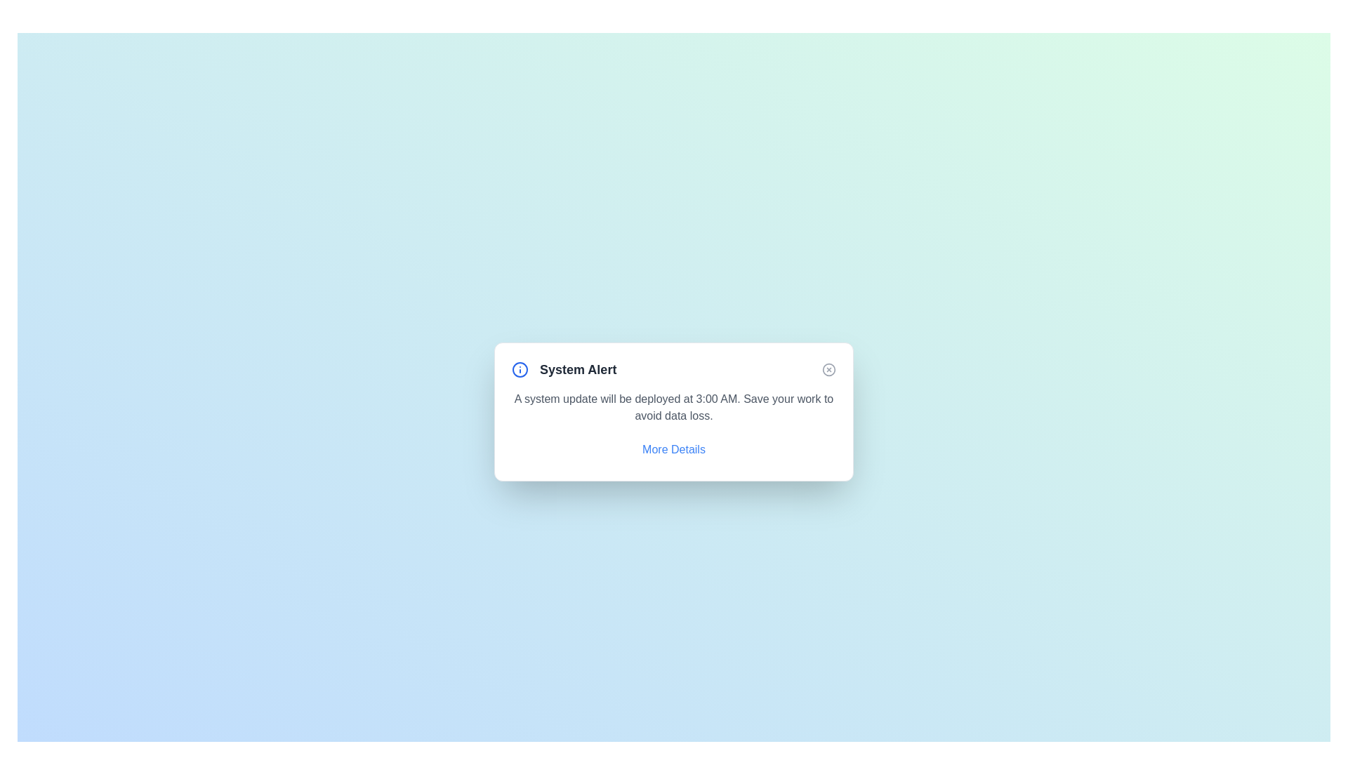 The image size is (1348, 758). Describe the element at coordinates (828, 369) in the screenshot. I see `the close button located at the top-right corner of the notification card` at that location.